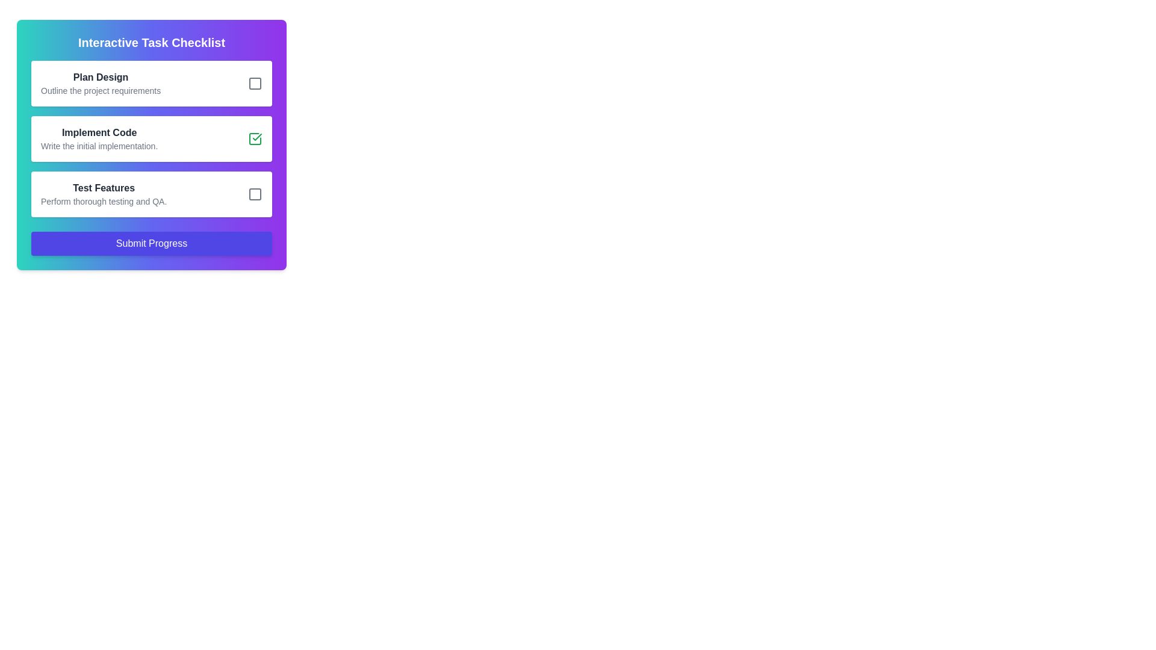  I want to click on the checkbox icon, so click(254, 138).